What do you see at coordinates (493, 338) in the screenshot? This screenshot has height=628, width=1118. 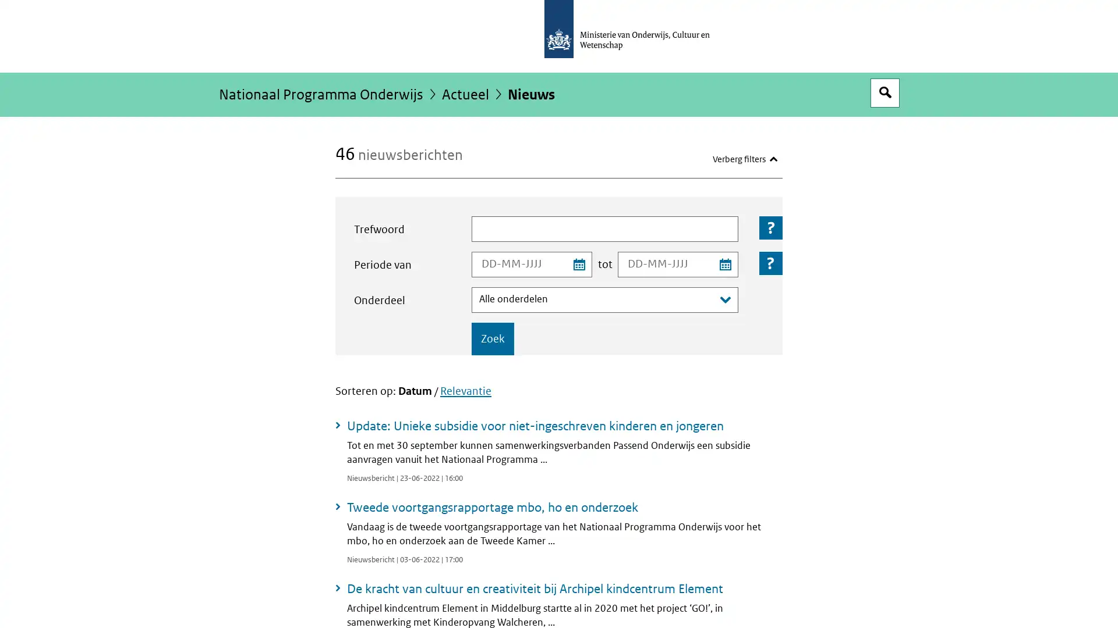 I see `Zoek` at bounding box center [493, 338].